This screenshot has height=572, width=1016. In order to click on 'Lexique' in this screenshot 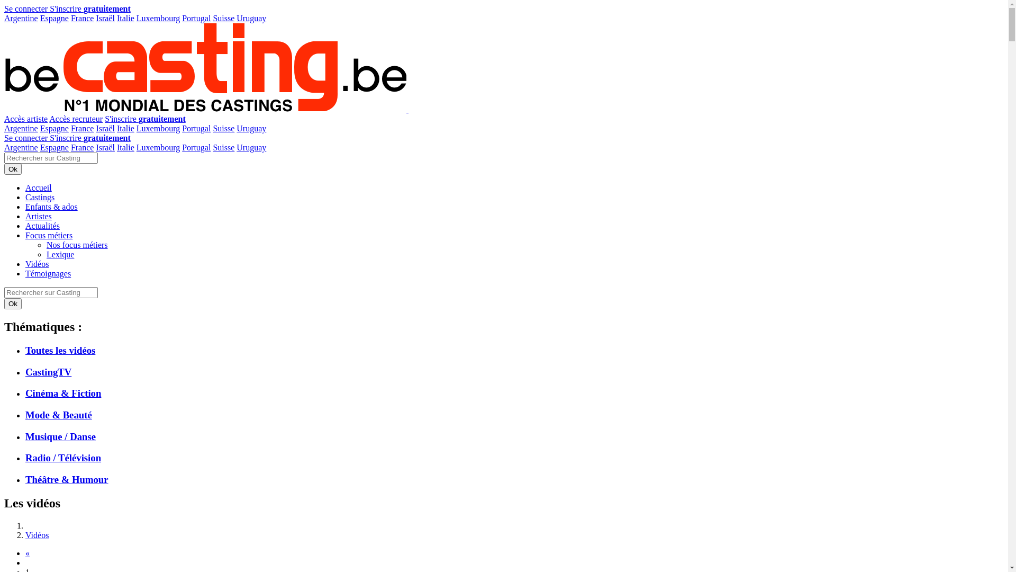, I will do `click(60, 254)`.